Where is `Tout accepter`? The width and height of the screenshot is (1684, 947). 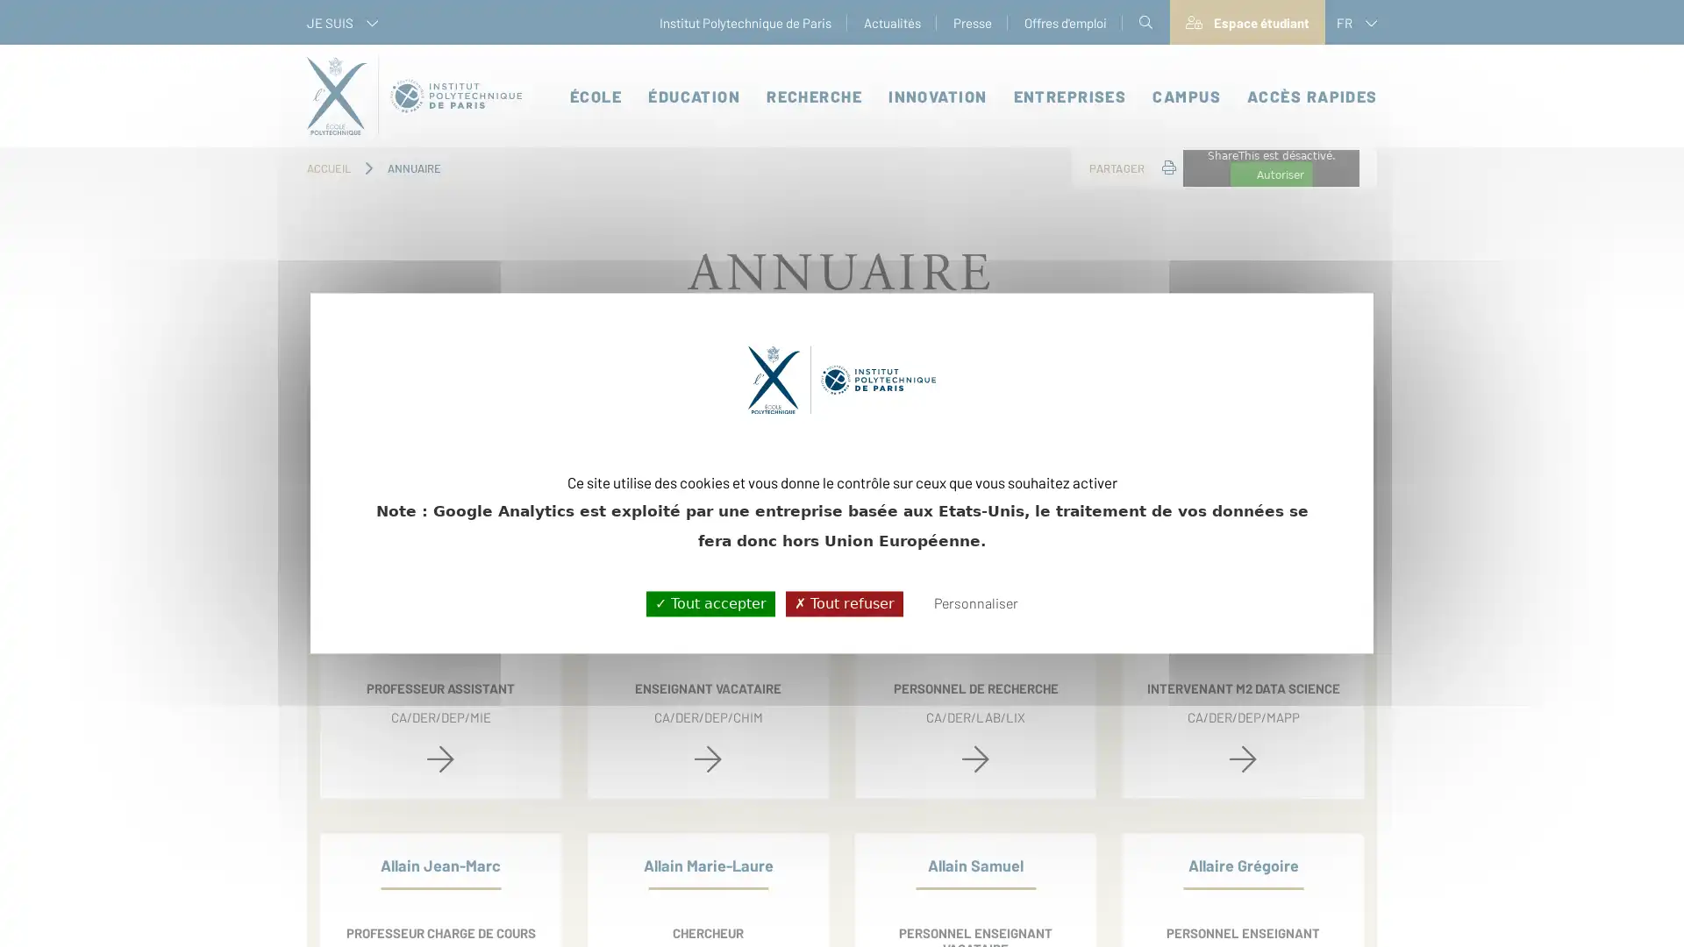 Tout accepter is located at coordinates (710, 602).